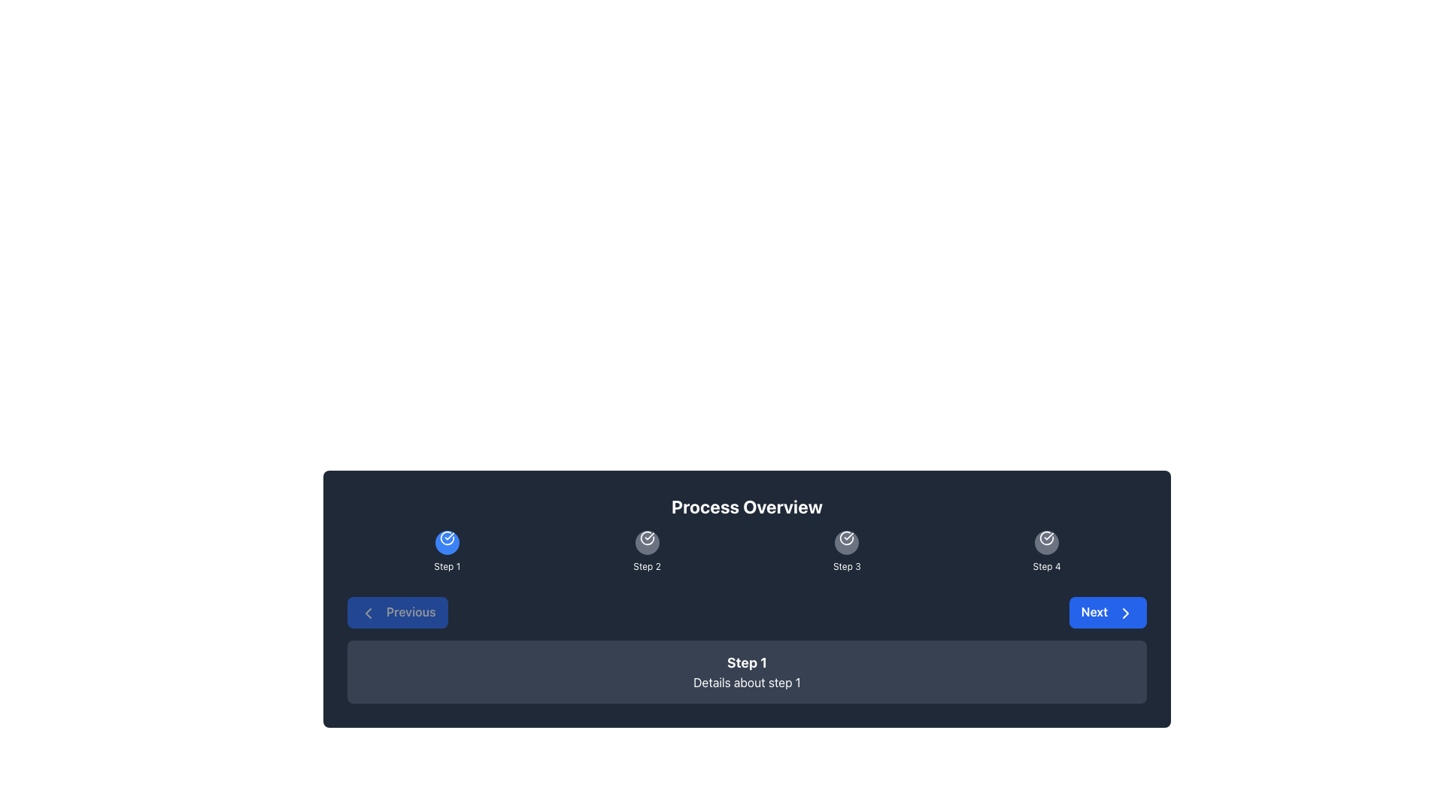 This screenshot has width=1444, height=812. Describe the element at coordinates (747, 551) in the screenshot. I see `the interactive step indicator of the Progress Indicator, which consists of four steps labeled 'Step 1', 'Step 2', 'Step 3', and 'Step 4', with the first step styled in blue indicating the current step` at that location.